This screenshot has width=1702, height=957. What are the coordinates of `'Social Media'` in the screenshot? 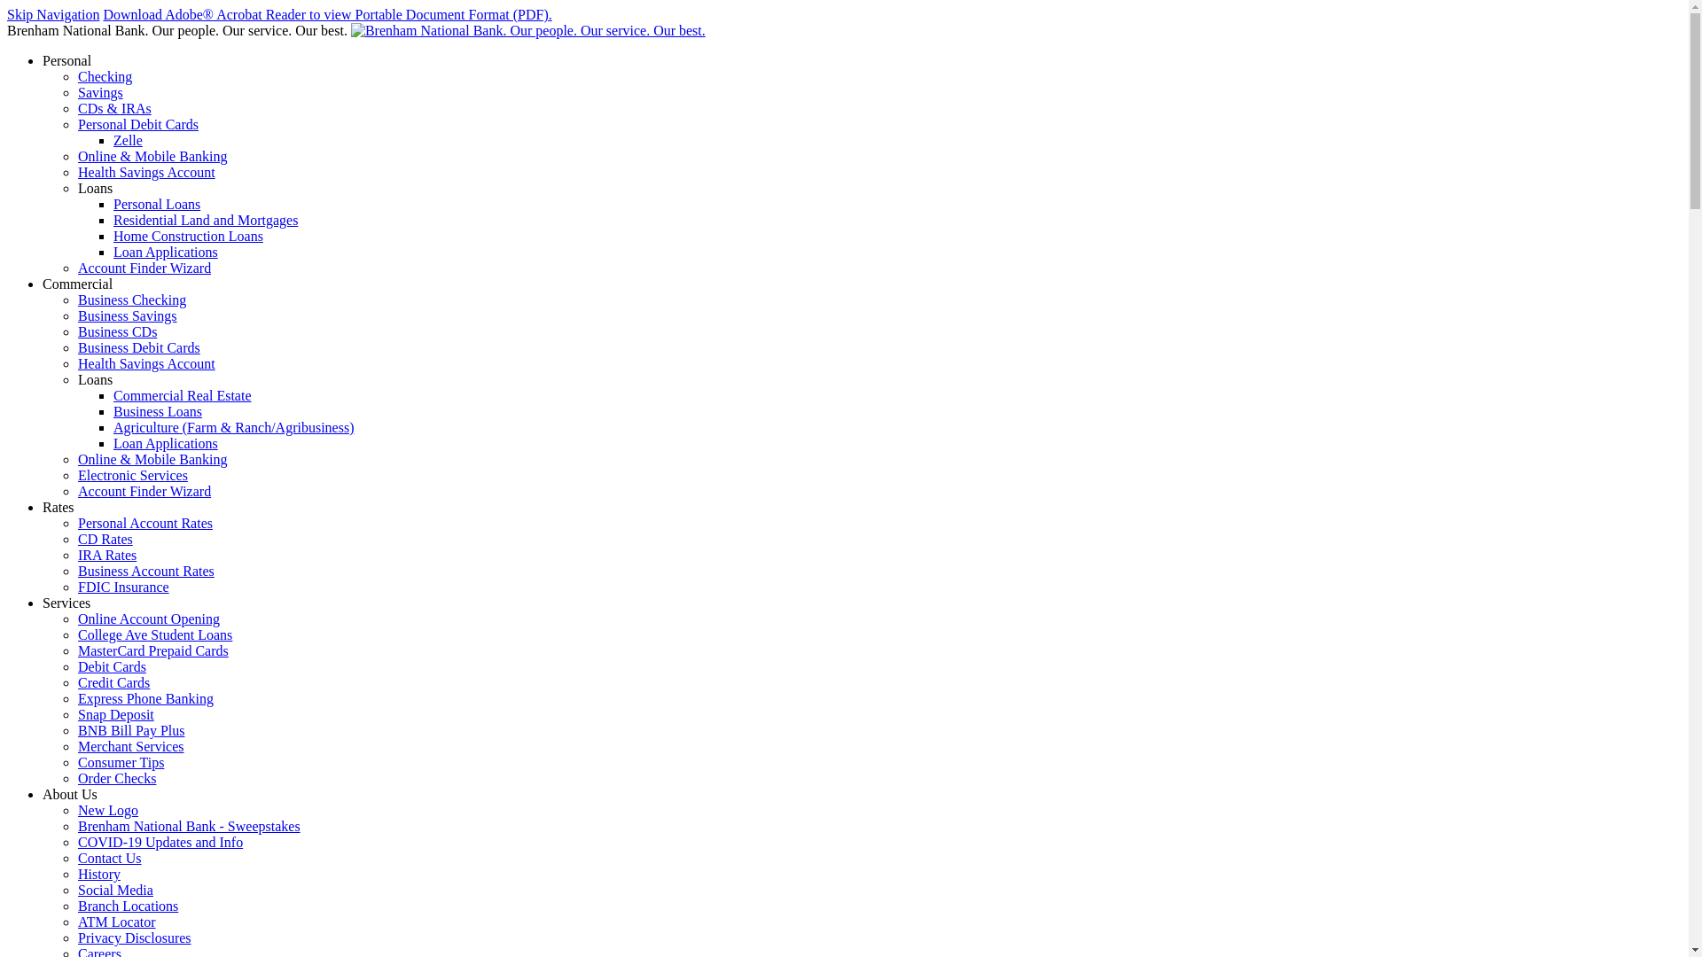 It's located at (114, 890).